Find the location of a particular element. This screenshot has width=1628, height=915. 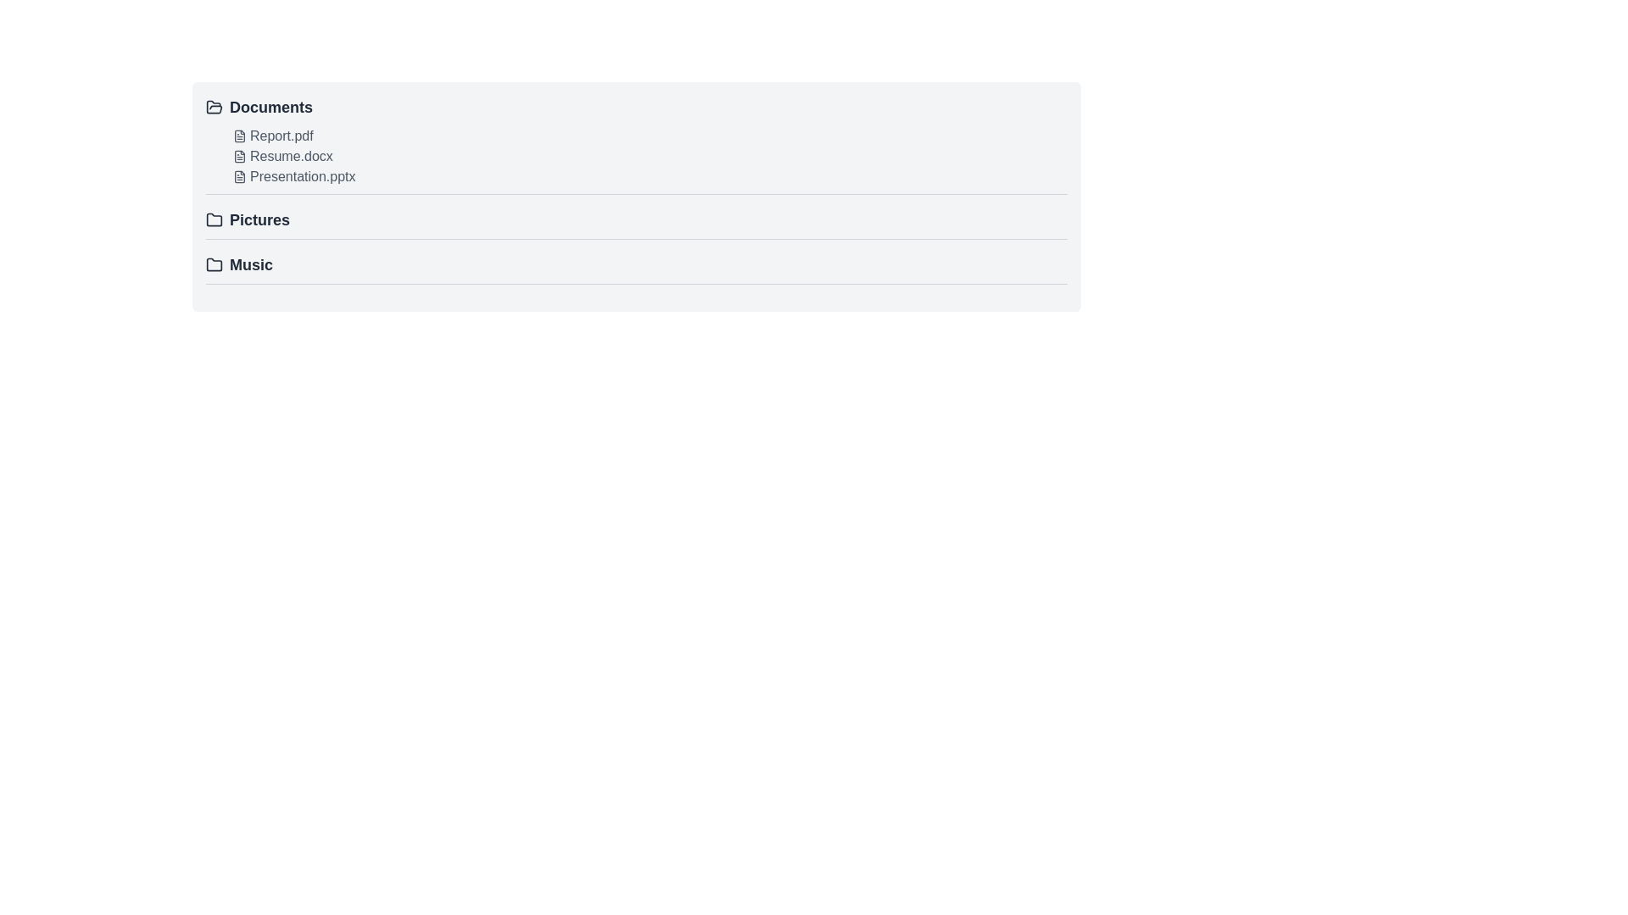

the 'Documents' icon, which visually represents the 'Documents' section and is positioned to the left of the text label 'Documents' is located at coordinates (214, 107).